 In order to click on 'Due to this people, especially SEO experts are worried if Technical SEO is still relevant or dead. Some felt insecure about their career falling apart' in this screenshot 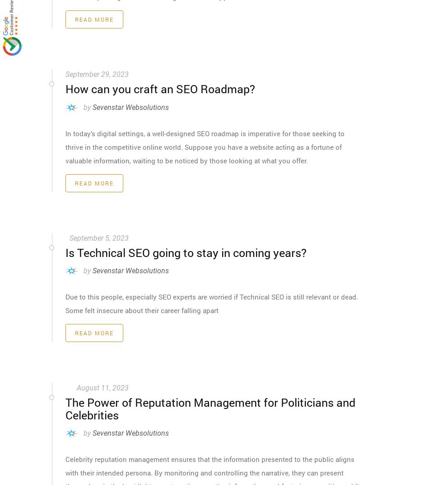, I will do `click(211, 303)`.